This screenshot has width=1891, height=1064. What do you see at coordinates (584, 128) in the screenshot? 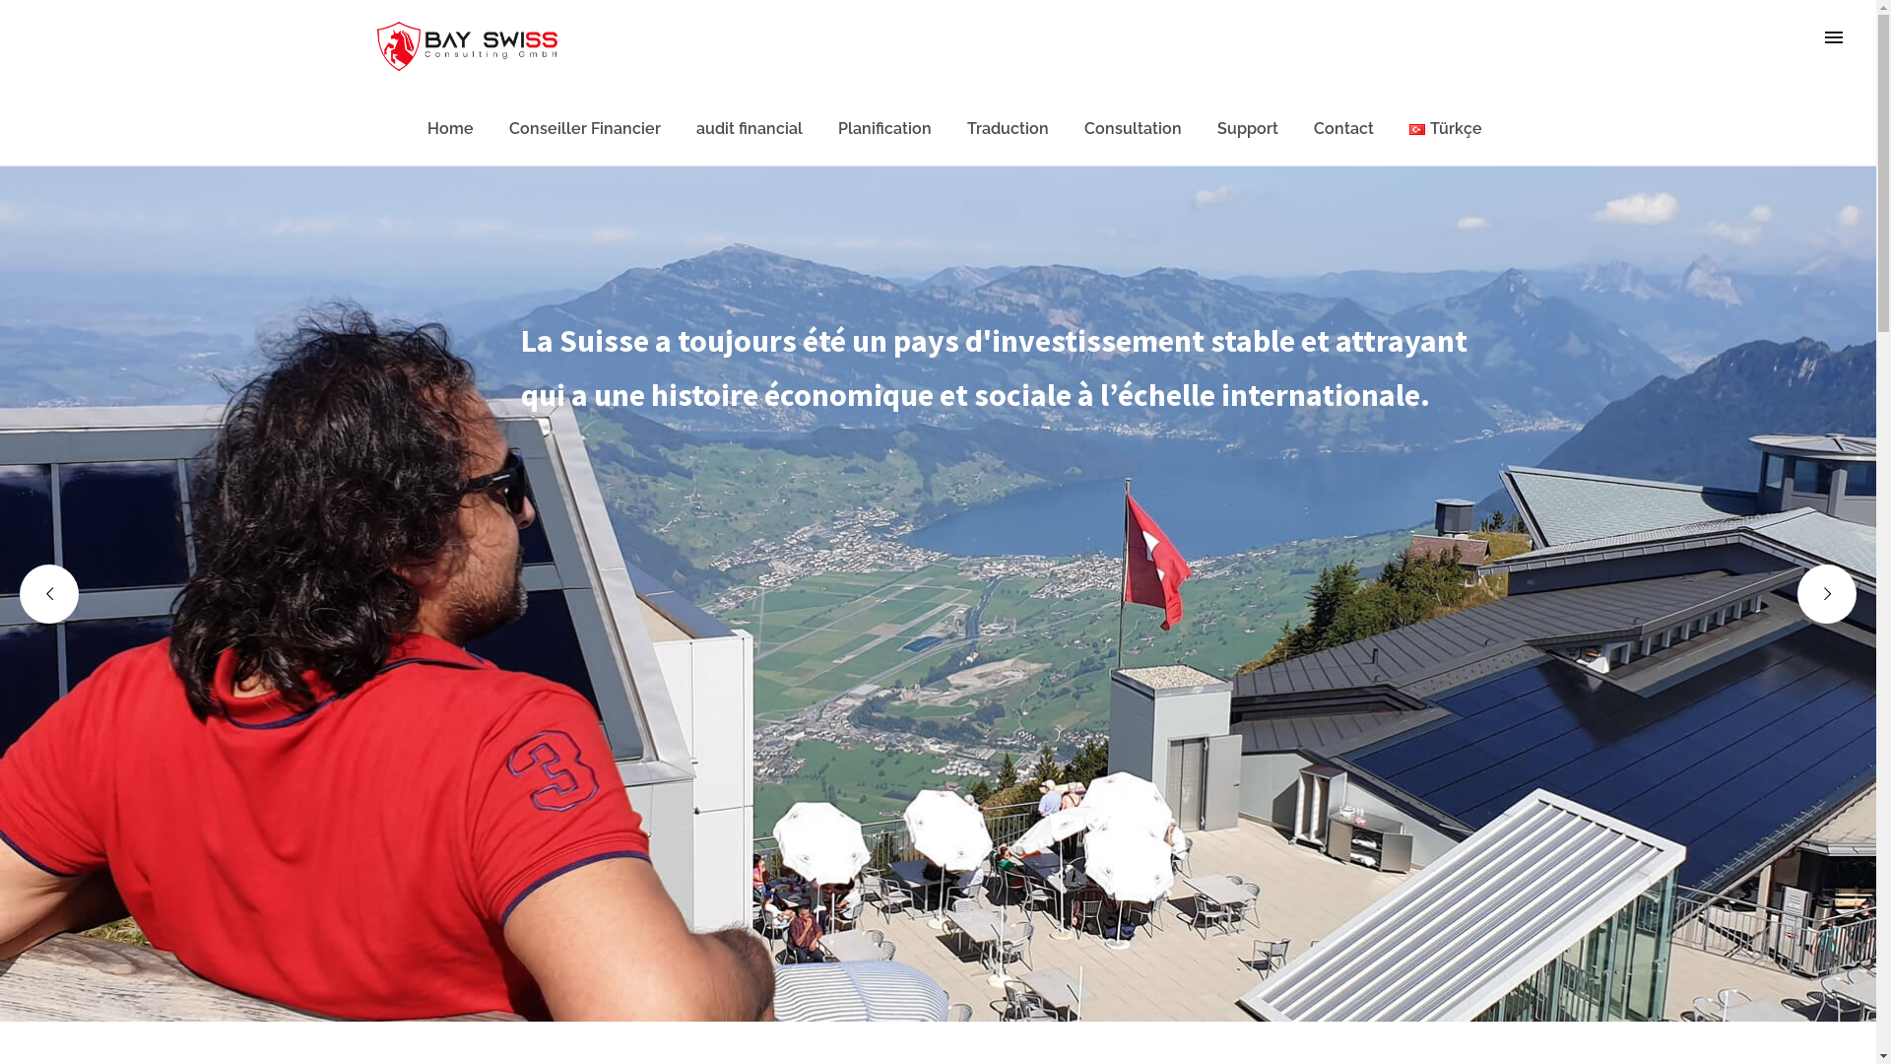
I see `'Conseiller Financier'` at bounding box center [584, 128].